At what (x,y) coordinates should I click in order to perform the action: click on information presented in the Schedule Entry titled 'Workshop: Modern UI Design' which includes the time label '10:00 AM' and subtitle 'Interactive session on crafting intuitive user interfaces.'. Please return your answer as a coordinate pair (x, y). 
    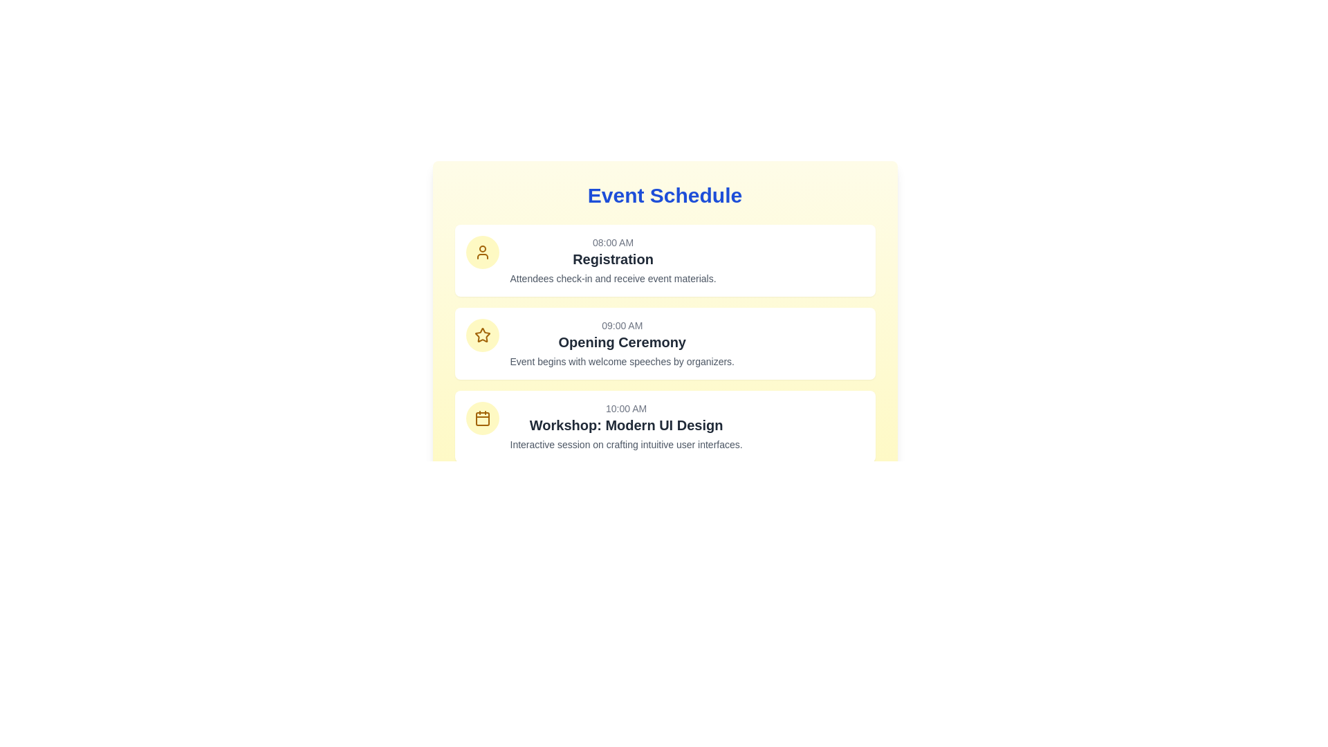
    Looking at the image, I should click on (625, 426).